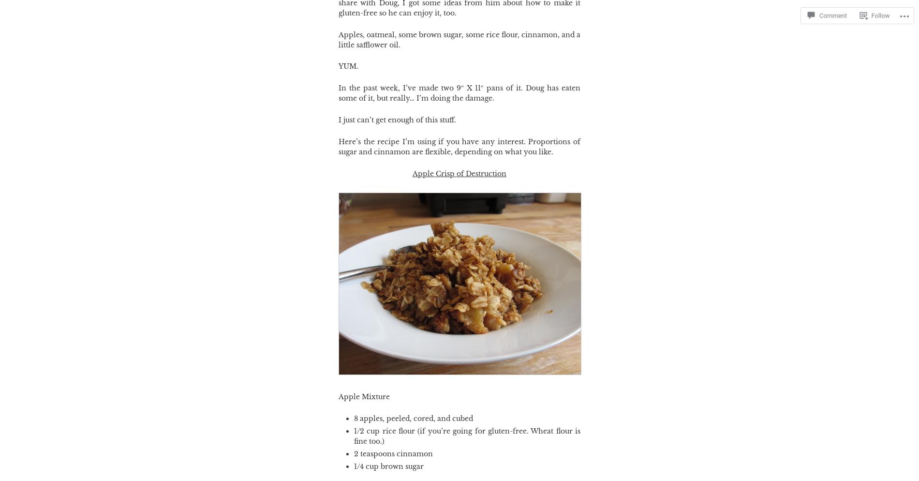  What do you see at coordinates (348, 65) in the screenshot?
I see `'YUM.'` at bounding box center [348, 65].